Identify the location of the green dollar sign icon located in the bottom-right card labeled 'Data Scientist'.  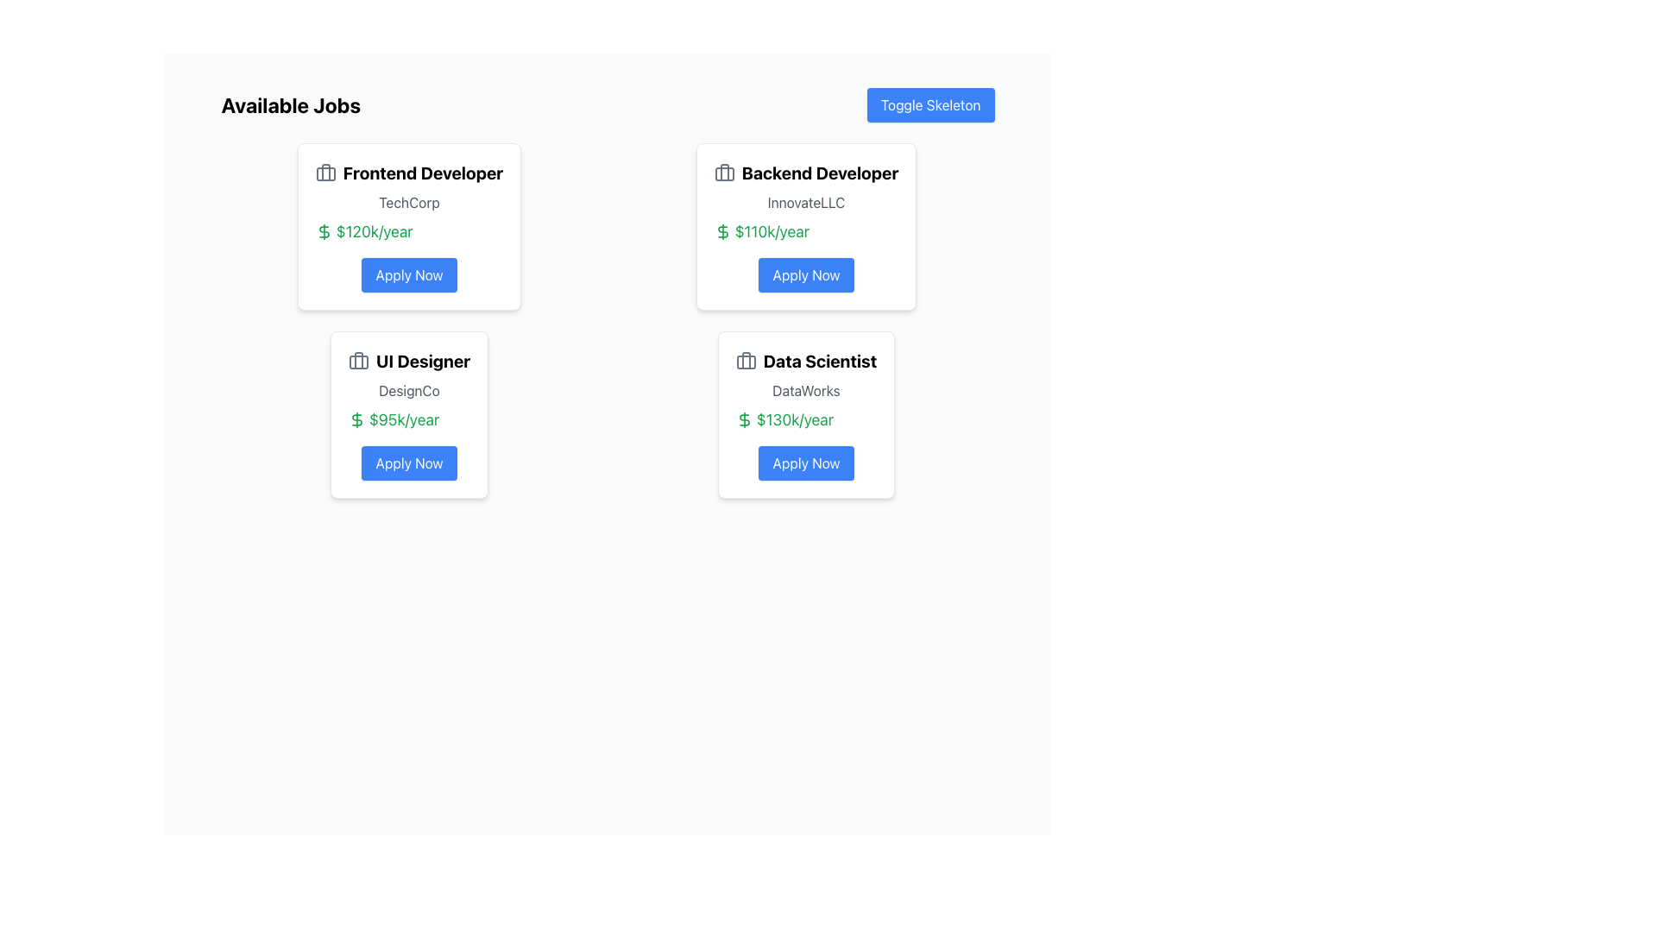
(744, 419).